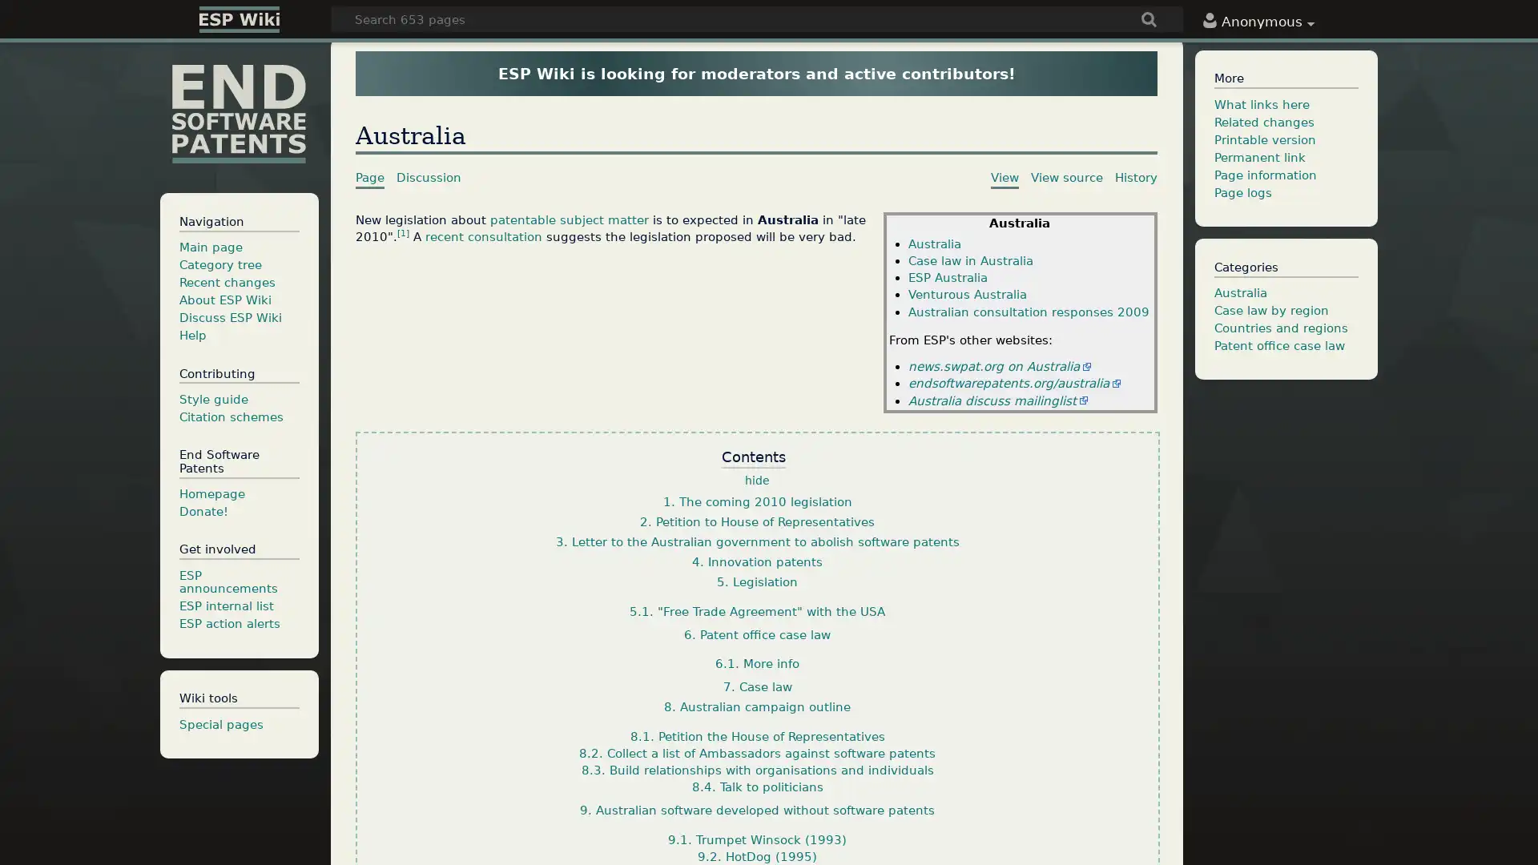  What do you see at coordinates (756, 480) in the screenshot?
I see `hide` at bounding box center [756, 480].